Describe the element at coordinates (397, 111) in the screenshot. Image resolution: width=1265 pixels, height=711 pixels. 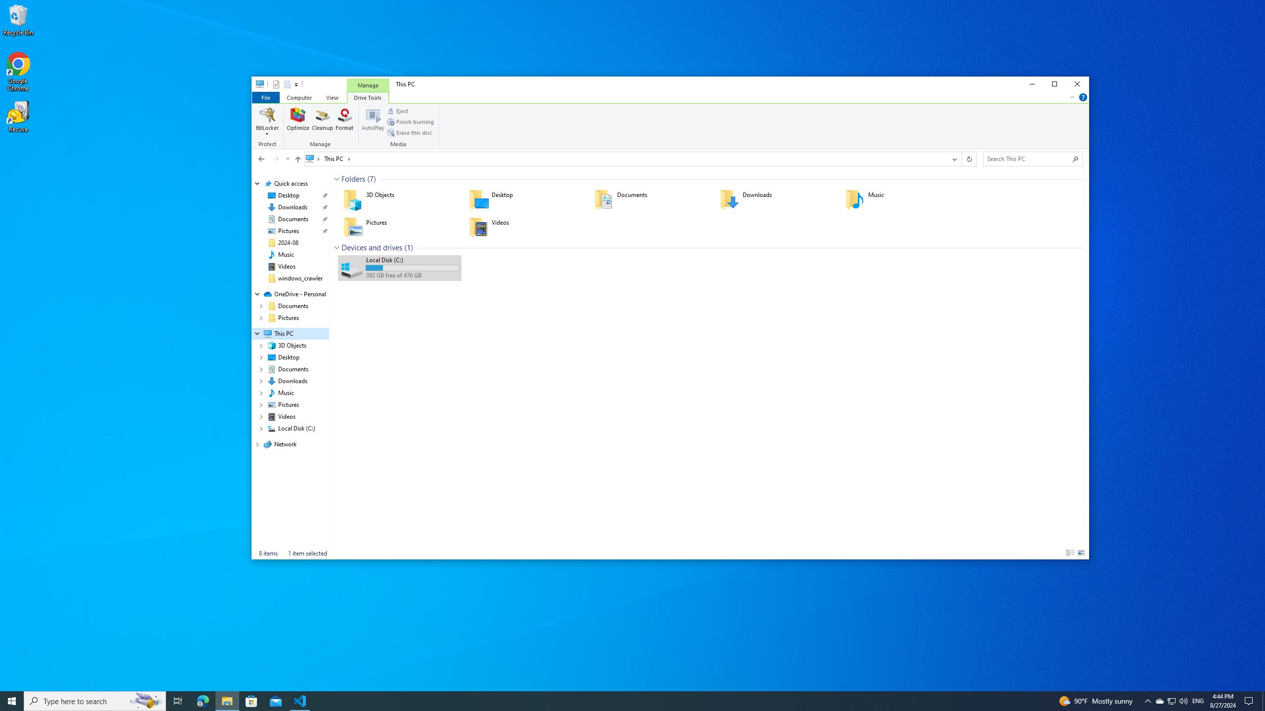
I see `'Eject'` at that location.